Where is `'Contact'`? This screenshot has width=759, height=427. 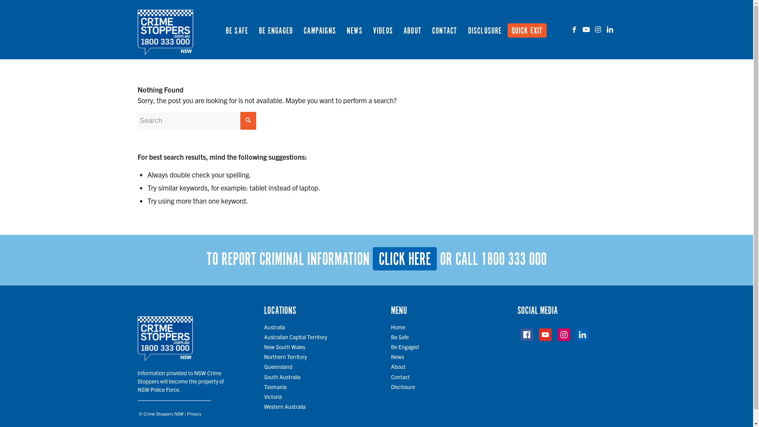 'Contact' is located at coordinates (400, 376).